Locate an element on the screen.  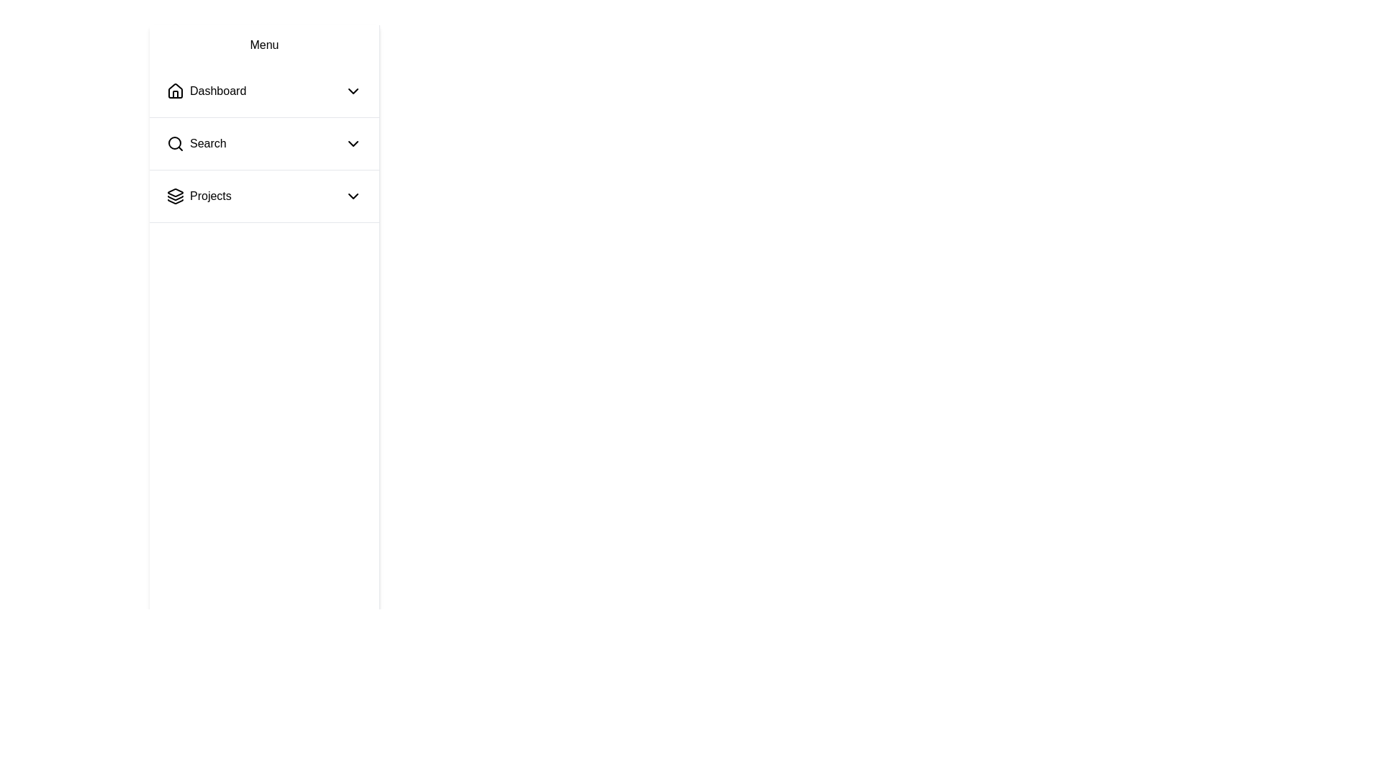
the collapsible menu item in the navigation bar that is the third entry in the vertical list of menu items is located at coordinates (264, 196).